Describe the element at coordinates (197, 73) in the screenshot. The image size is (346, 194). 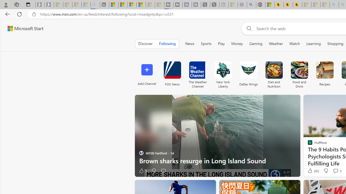
I see `'The Weather Channel'` at that location.